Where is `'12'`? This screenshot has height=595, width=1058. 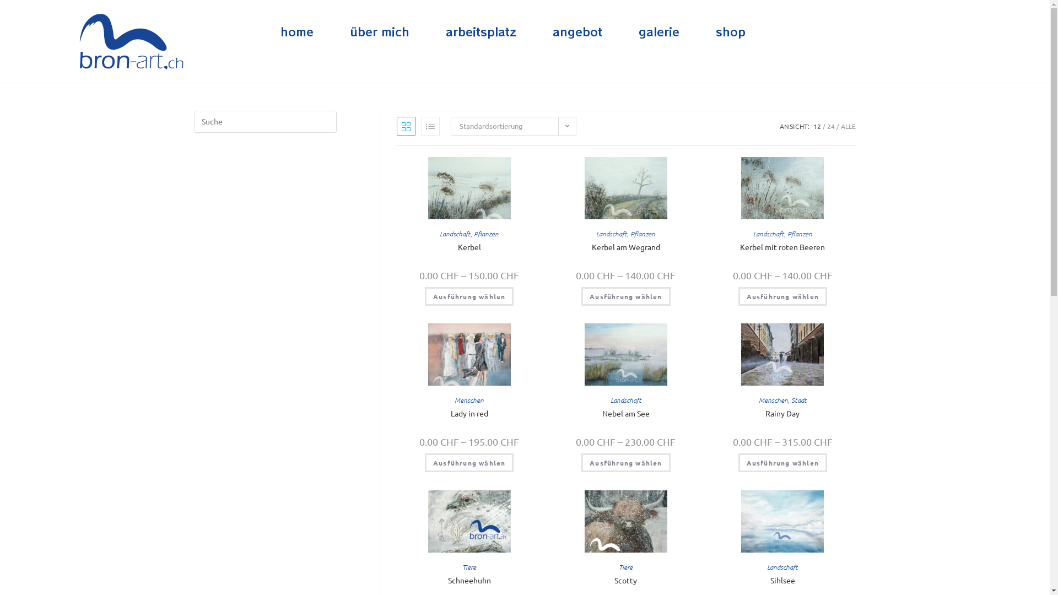
'12' is located at coordinates (817, 125).